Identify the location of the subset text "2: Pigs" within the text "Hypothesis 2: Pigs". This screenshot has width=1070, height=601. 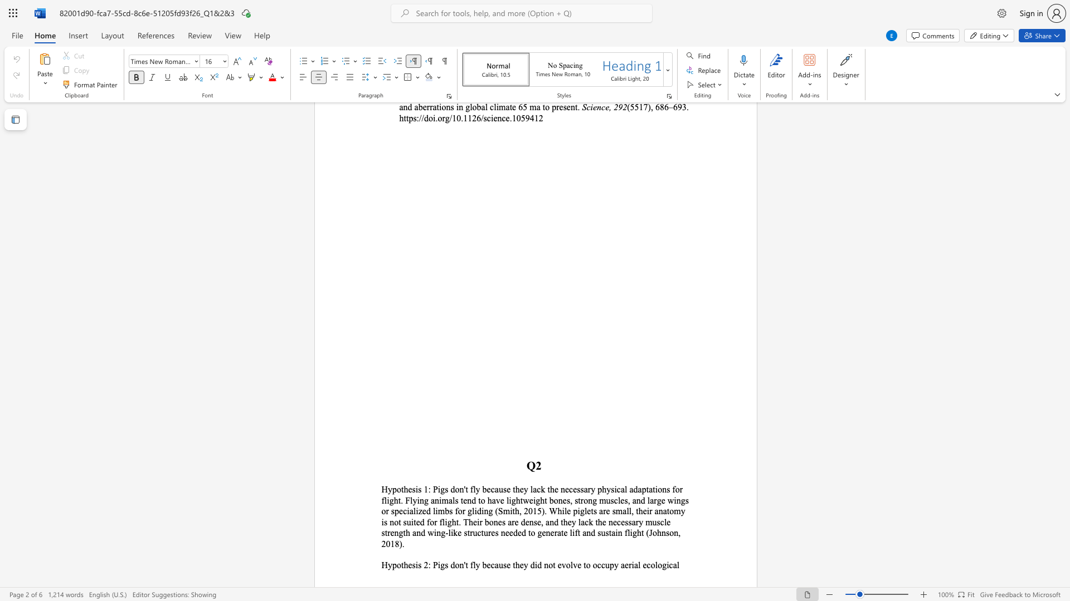
(423, 565).